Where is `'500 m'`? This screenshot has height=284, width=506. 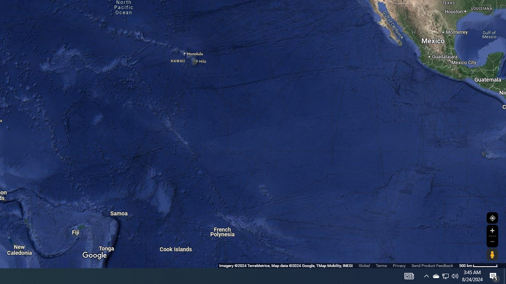 '500 m' is located at coordinates (478, 265).